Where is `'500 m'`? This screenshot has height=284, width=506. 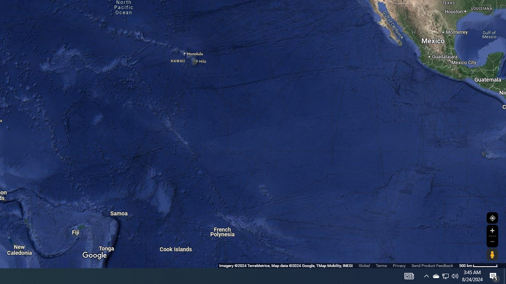 '500 m' is located at coordinates (478, 265).